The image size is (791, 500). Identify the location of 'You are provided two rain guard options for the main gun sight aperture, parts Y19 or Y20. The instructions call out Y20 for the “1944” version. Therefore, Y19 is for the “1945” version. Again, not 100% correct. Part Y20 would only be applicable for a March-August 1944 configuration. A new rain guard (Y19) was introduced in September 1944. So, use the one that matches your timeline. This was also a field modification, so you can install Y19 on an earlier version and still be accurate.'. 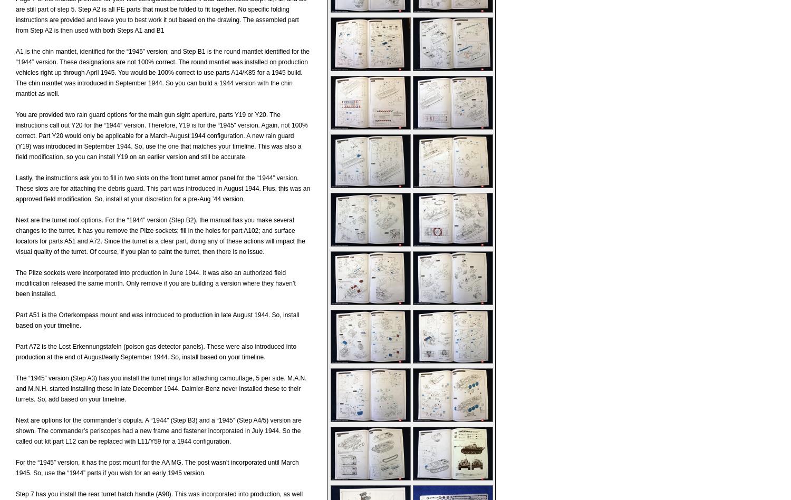
(161, 135).